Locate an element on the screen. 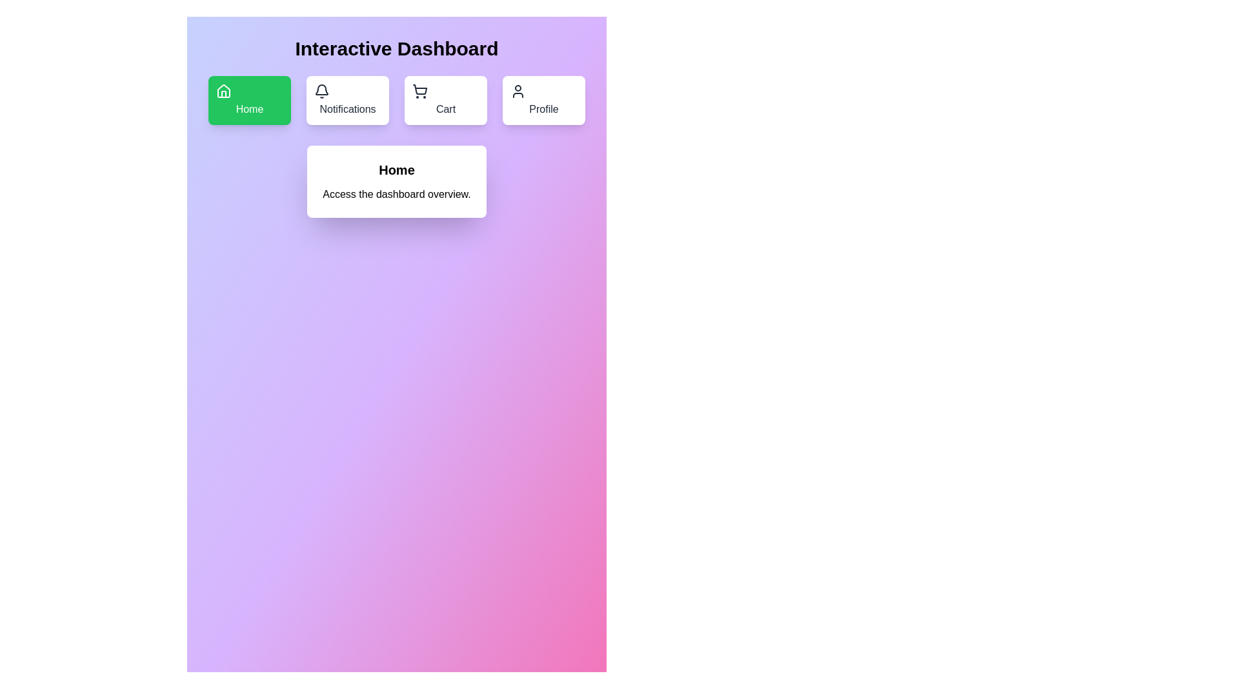 Image resolution: width=1239 pixels, height=696 pixels. the menu option Notifications to view its content and details is located at coordinates (347, 99).